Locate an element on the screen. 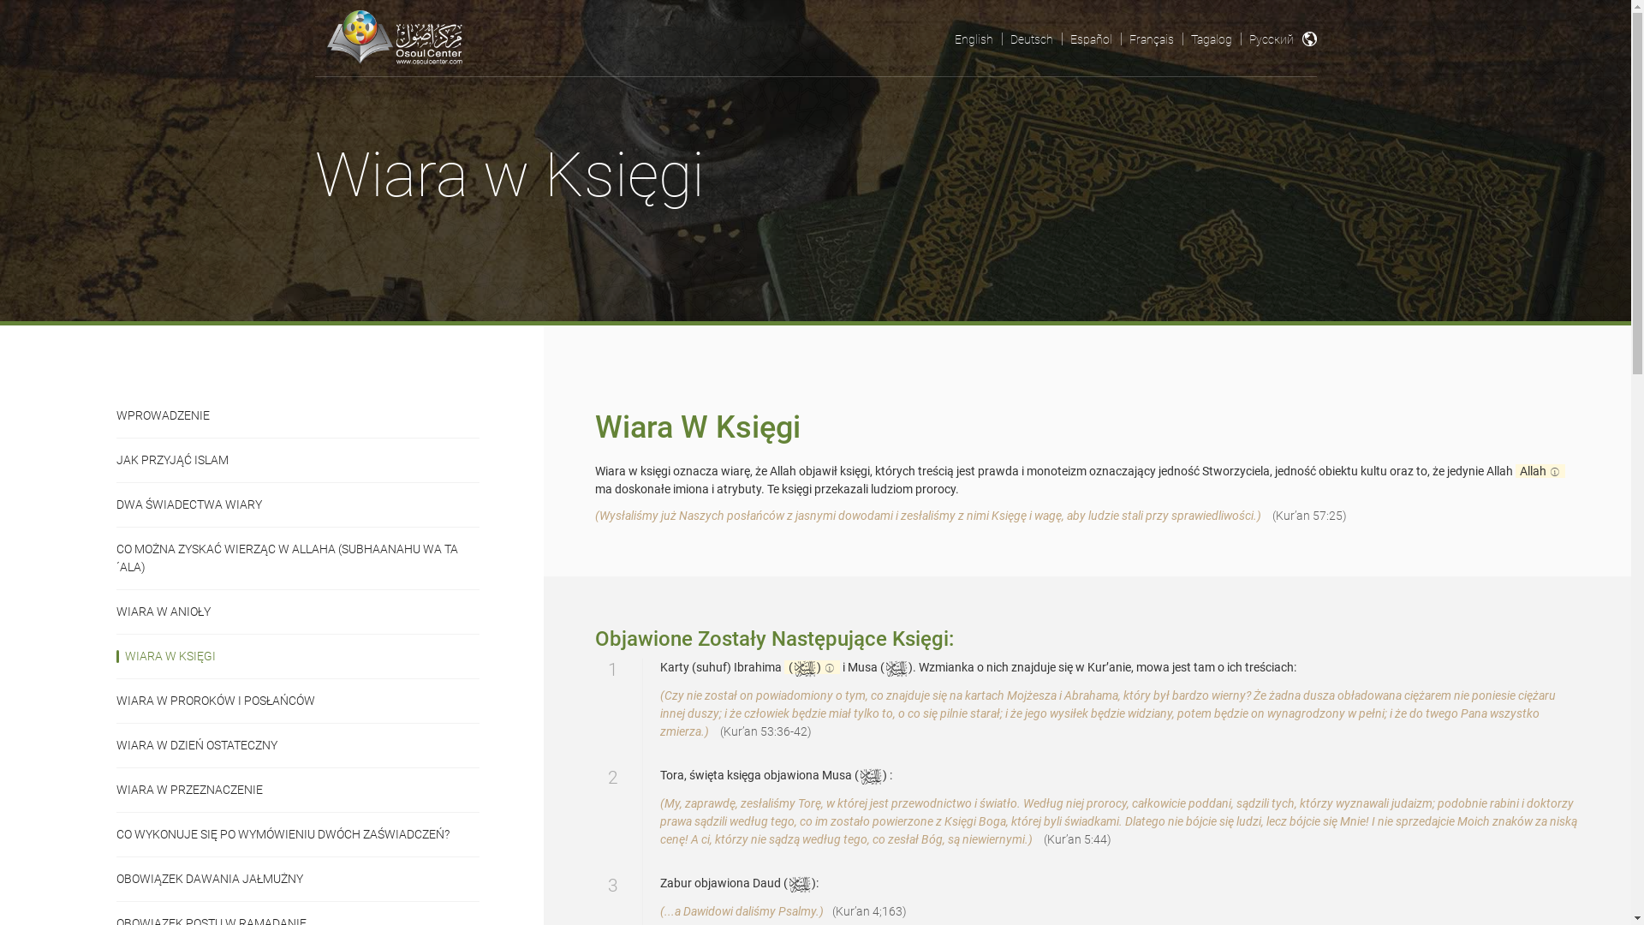 This screenshot has height=925, width=1644. 'WPROWADZENIE' is located at coordinates (115, 415).